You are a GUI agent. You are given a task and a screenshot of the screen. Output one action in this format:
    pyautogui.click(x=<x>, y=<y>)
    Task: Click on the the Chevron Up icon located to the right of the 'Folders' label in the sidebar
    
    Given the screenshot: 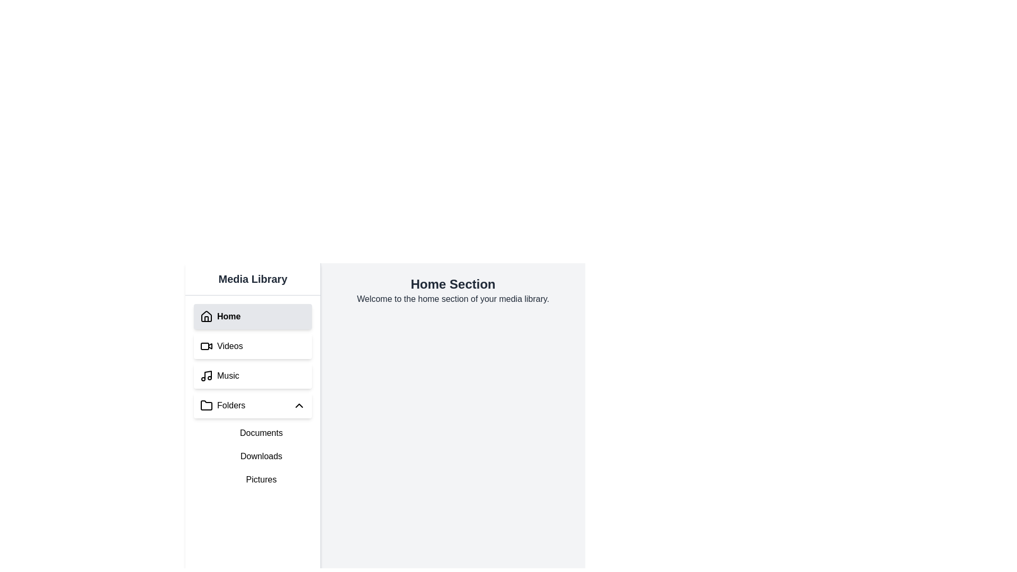 What is the action you would take?
    pyautogui.click(x=299, y=405)
    